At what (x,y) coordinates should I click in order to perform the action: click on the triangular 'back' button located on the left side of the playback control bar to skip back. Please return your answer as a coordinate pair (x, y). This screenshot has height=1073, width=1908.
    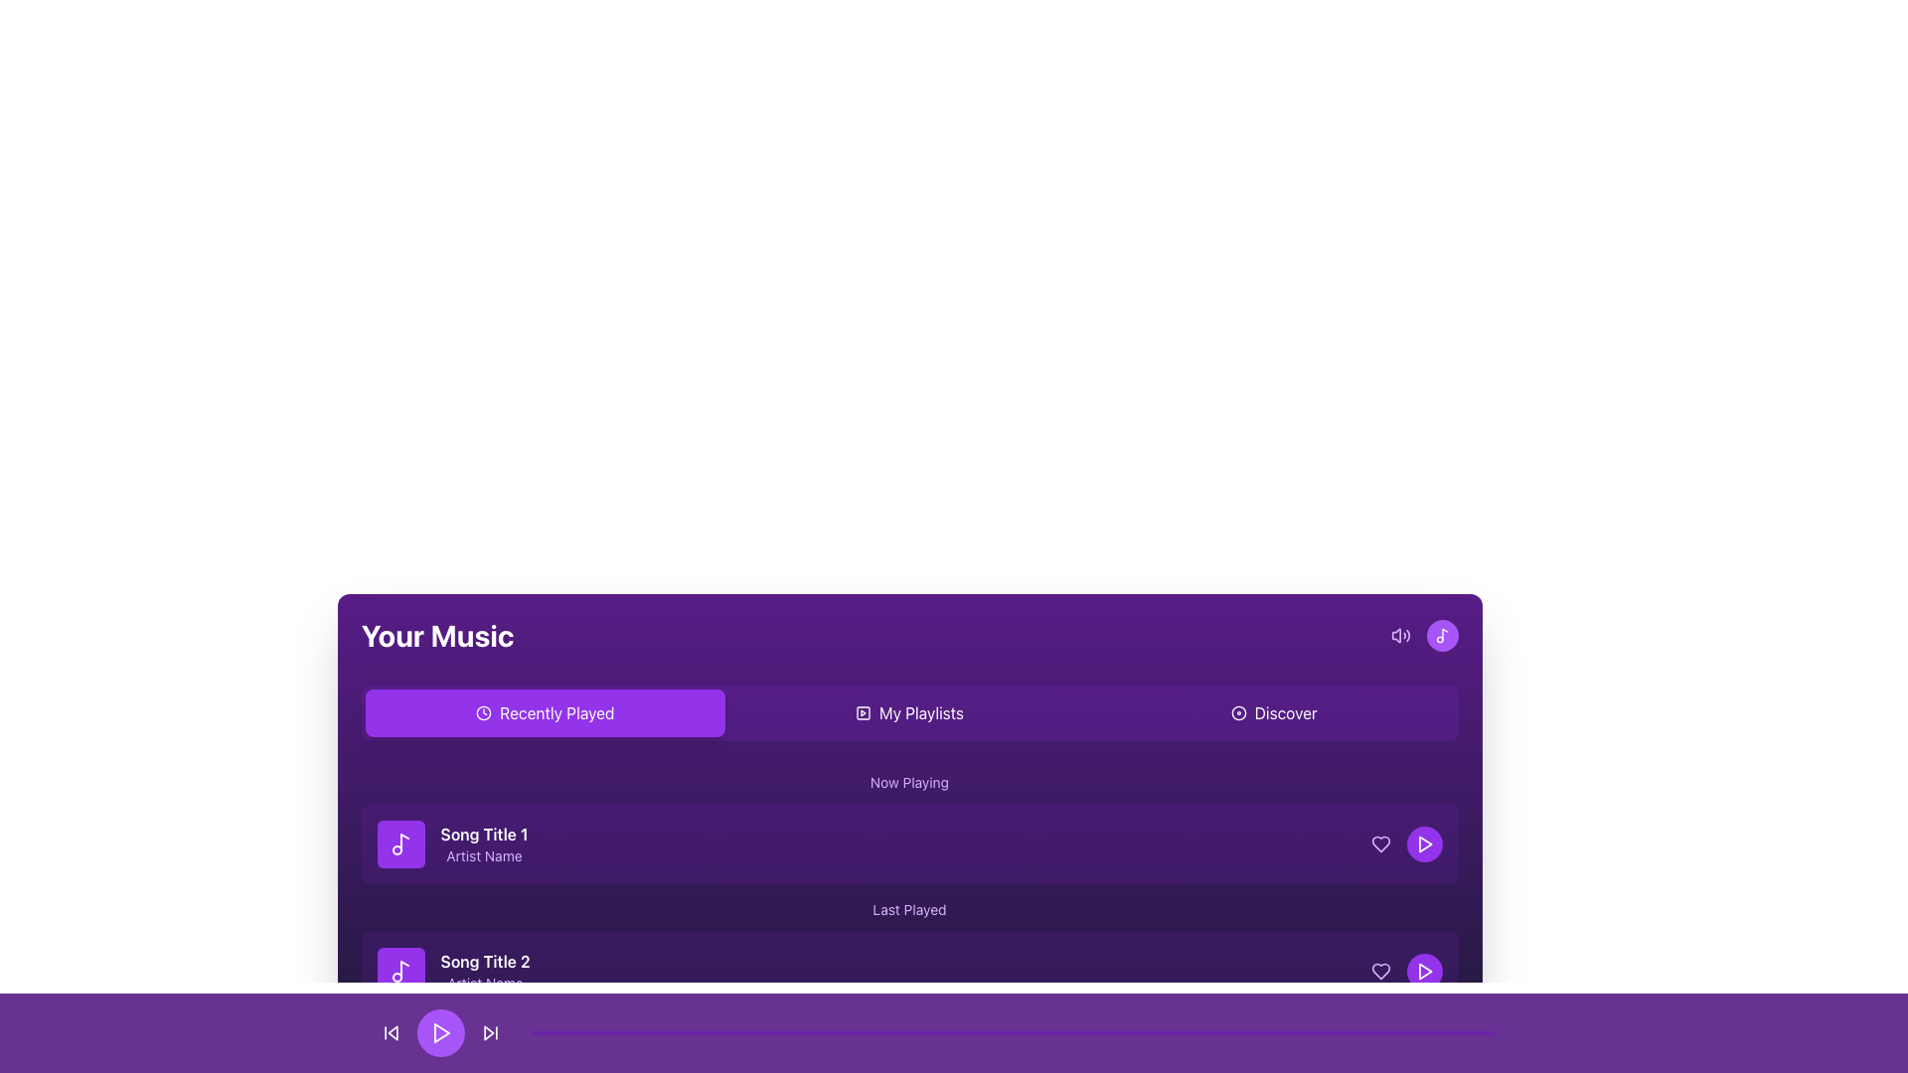
    Looking at the image, I should click on (393, 1032).